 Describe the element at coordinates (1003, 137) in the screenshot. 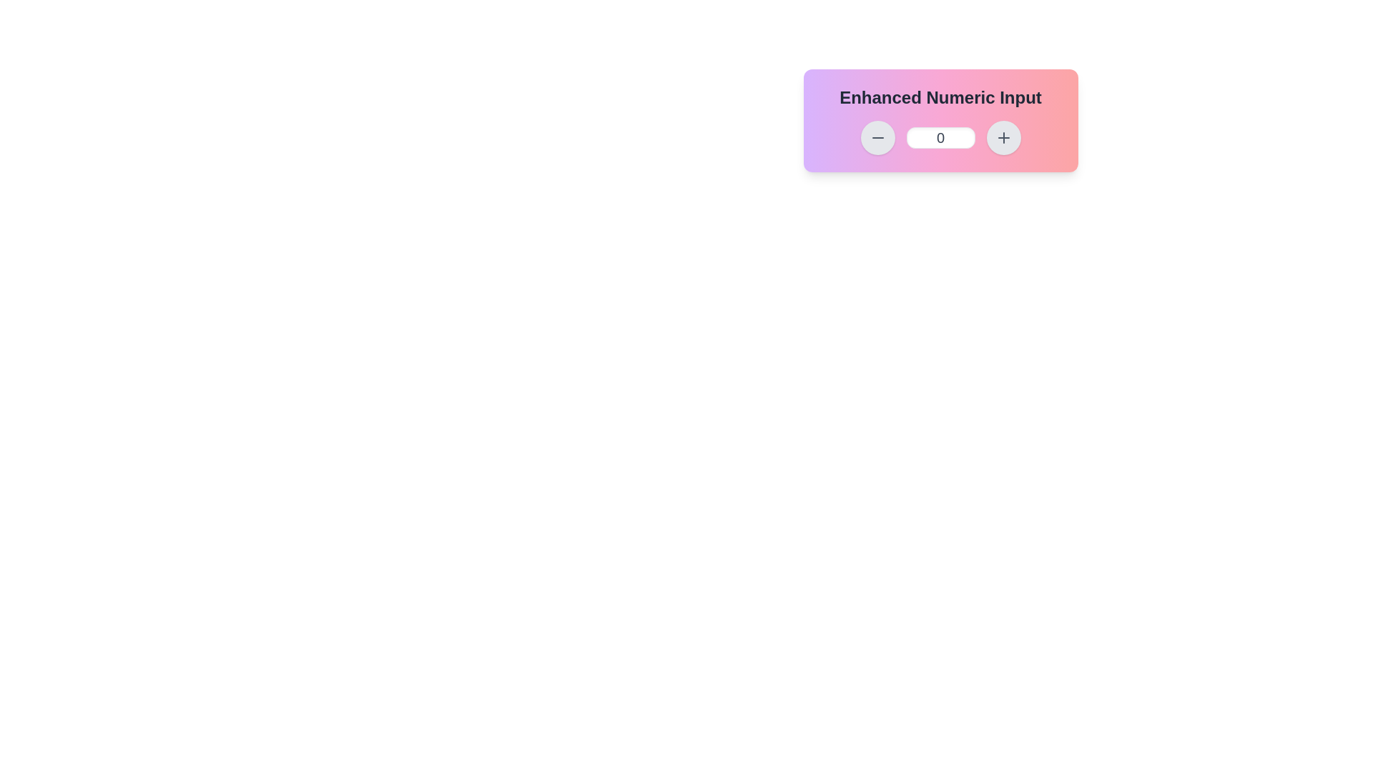

I see `the plus icon button, which is a '+' sign in a circular light gray button, located at the far right of a group of interactive elements` at that location.